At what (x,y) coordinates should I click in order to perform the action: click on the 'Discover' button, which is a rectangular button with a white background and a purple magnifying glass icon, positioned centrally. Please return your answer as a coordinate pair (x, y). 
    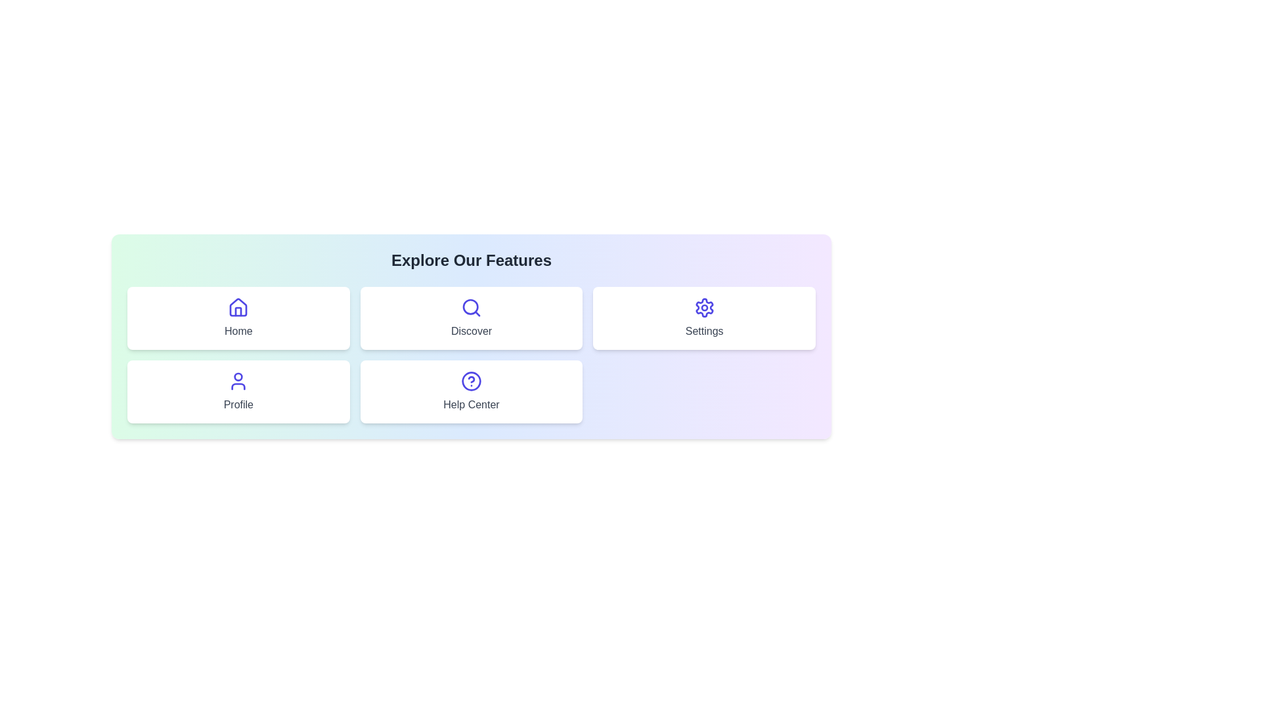
    Looking at the image, I should click on (472, 318).